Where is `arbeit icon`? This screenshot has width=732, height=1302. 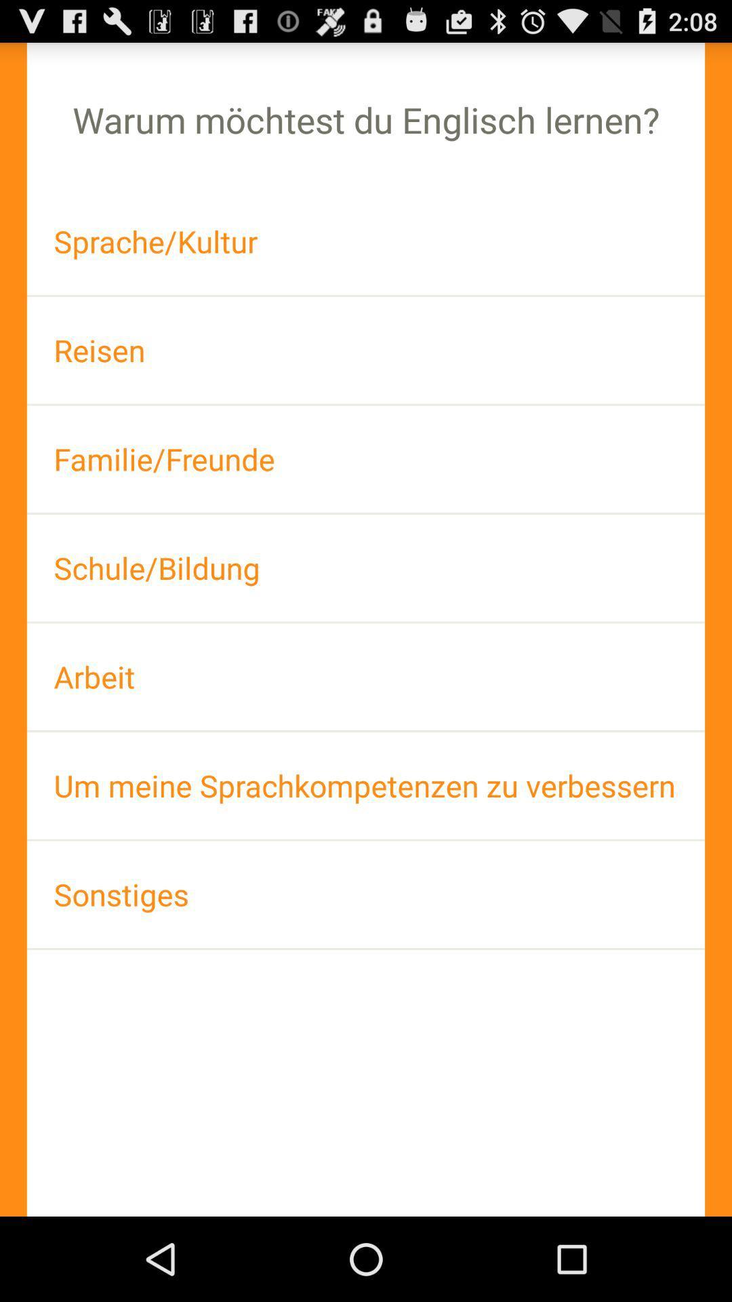
arbeit icon is located at coordinates (366, 677).